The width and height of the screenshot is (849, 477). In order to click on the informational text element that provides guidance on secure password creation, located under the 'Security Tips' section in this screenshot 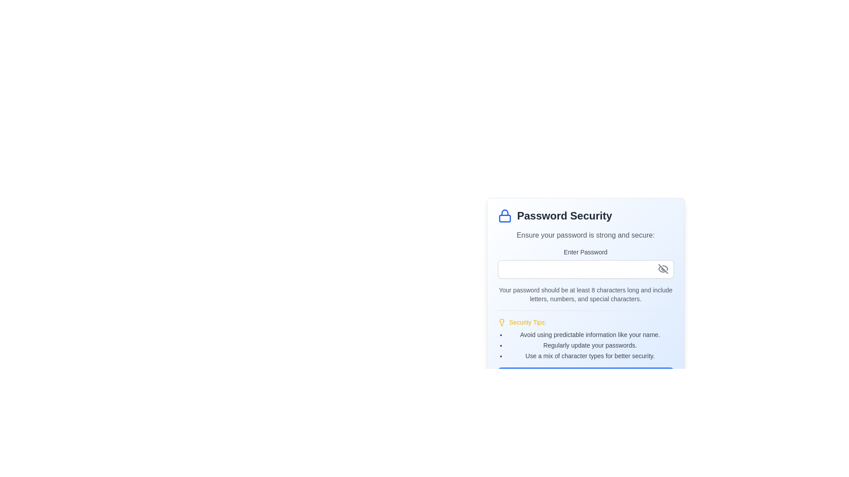, I will do `click(590, 335)`.